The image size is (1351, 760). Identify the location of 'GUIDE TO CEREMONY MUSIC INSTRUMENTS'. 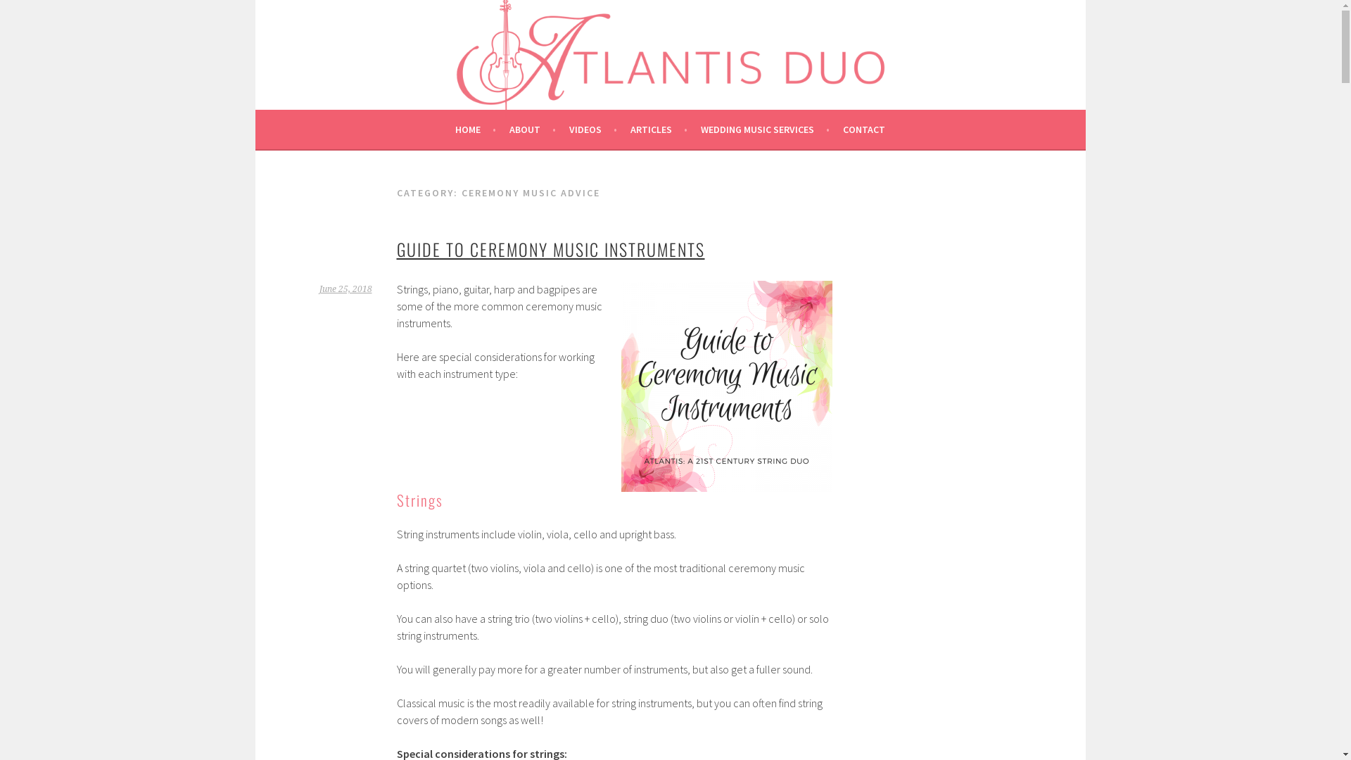
(550, 248).